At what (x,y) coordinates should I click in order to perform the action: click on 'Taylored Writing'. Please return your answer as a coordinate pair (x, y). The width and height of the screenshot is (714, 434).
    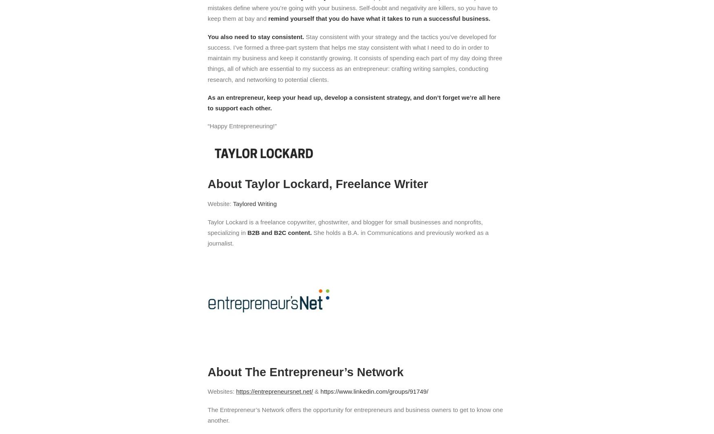
    Looking at the image, I should click on (255, 204).